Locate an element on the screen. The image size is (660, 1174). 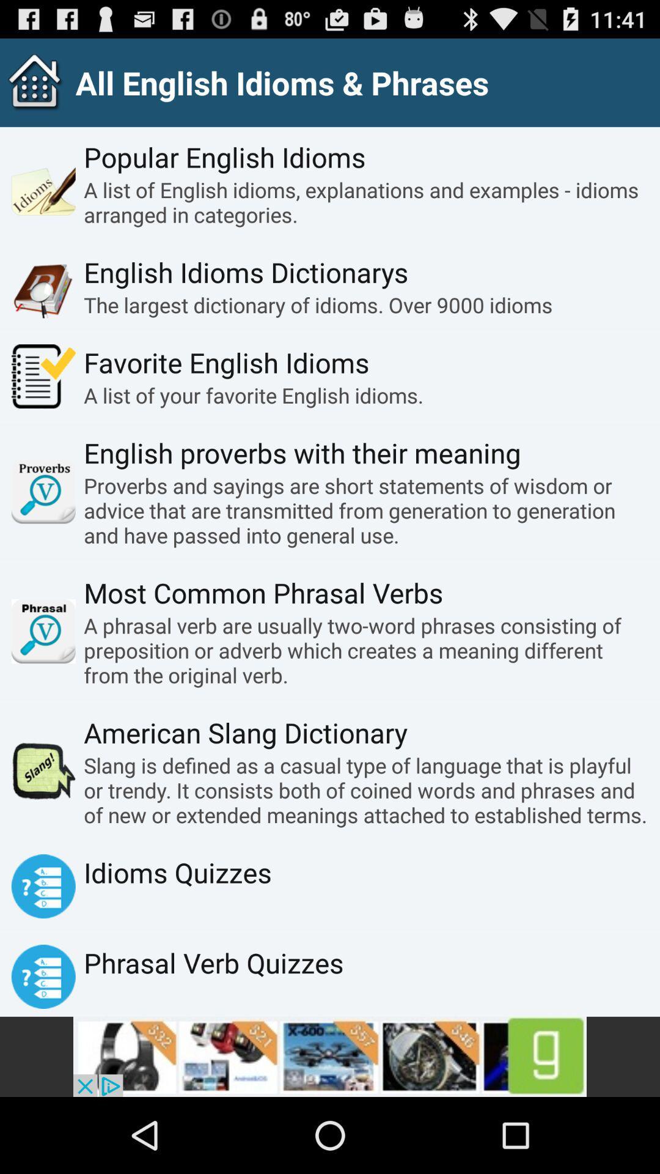
advertisement page is located at coordinates (330, 1056).